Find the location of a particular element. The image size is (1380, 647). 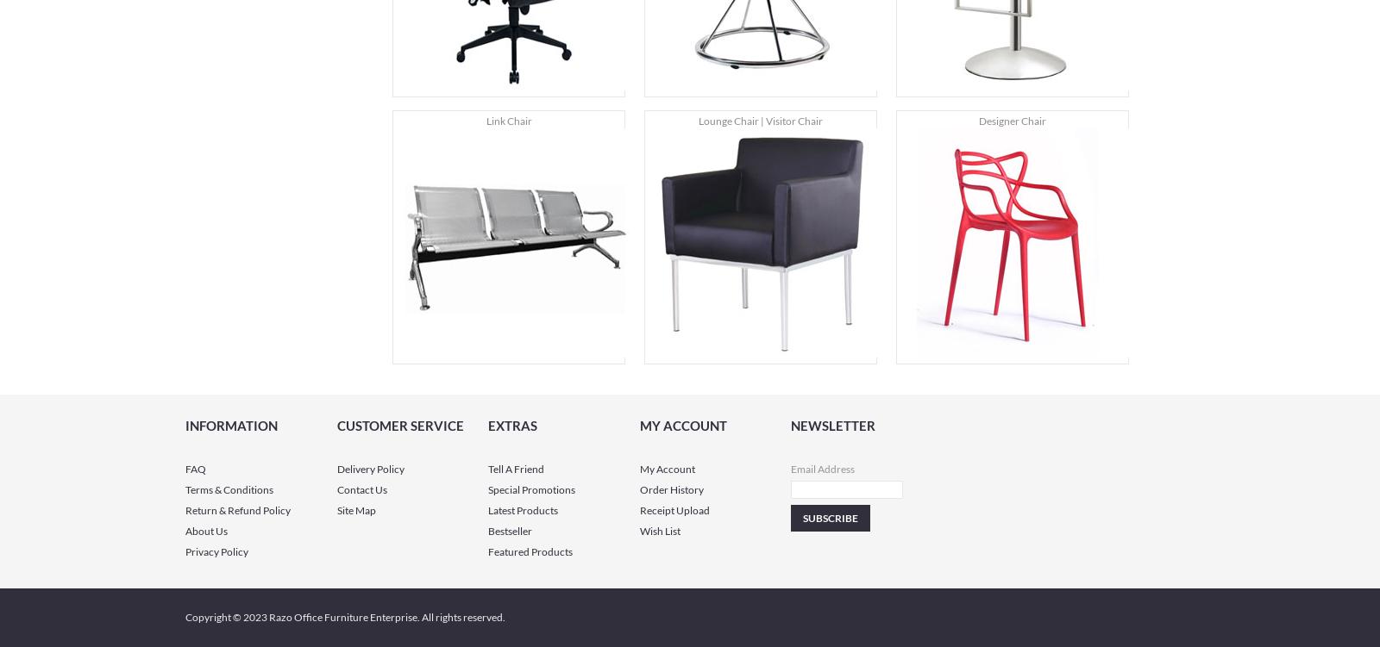

'Contact Us' is located at coordinates (361, 488).